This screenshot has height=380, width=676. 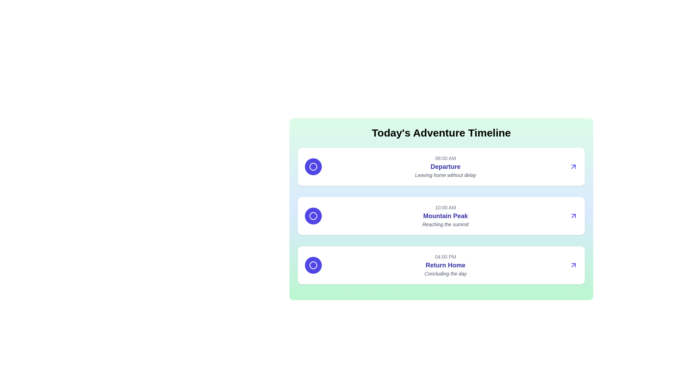 What do you see at coordinates (441, 265) in the screenshot?
I see `information displayed on the card containing '04:00 PM', 'Return Home', and 'Concluding the day' in a vertically stacked list beneath the 'Mountain Peak' entry` at bounding box center [441, 265].